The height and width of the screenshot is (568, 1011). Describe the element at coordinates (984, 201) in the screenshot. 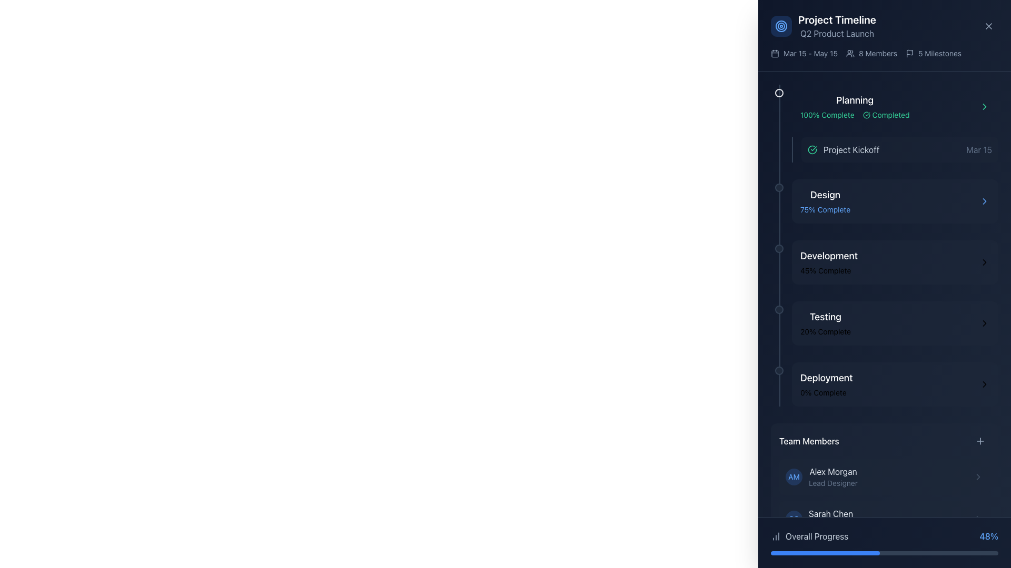

I see `the right-facing chevron icon next to the 'Design' stage in the project timeline` at that location.